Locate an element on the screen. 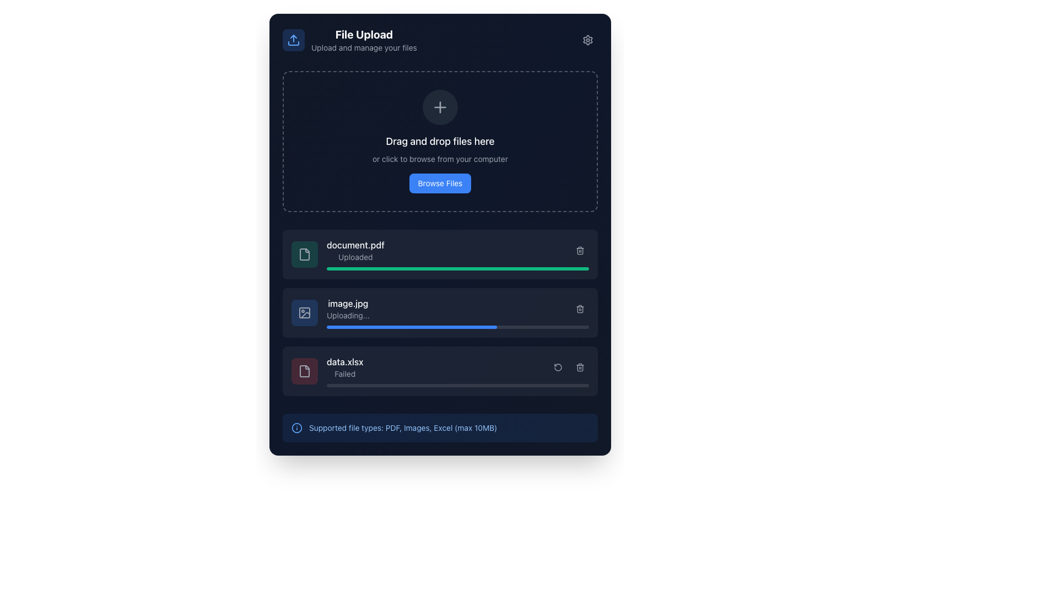 Image resolution: width=1058 pixels, height=595 pixels. the progress is located at coordinates (381, 385).